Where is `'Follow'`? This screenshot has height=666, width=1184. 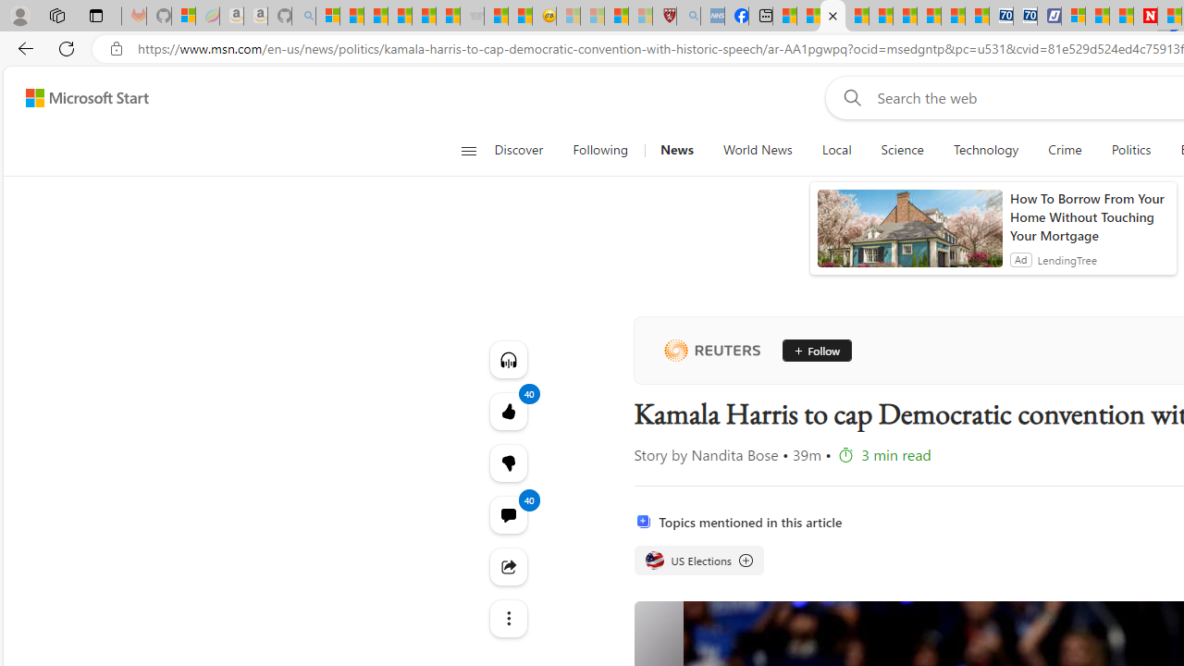
'Follow' is located at coordinates (816, 351).